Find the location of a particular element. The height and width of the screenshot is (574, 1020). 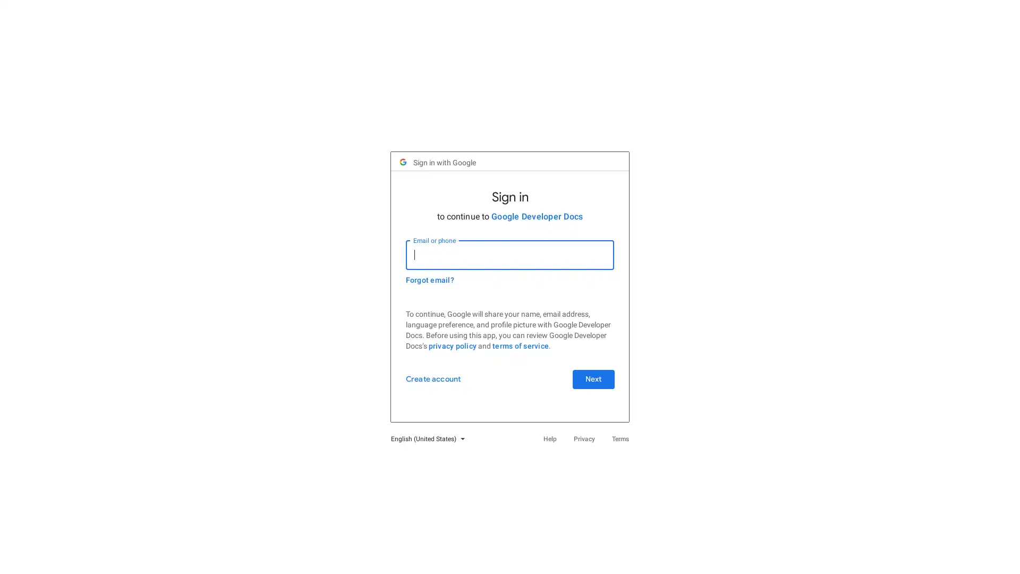

Next is located at coordinates (586, 389).